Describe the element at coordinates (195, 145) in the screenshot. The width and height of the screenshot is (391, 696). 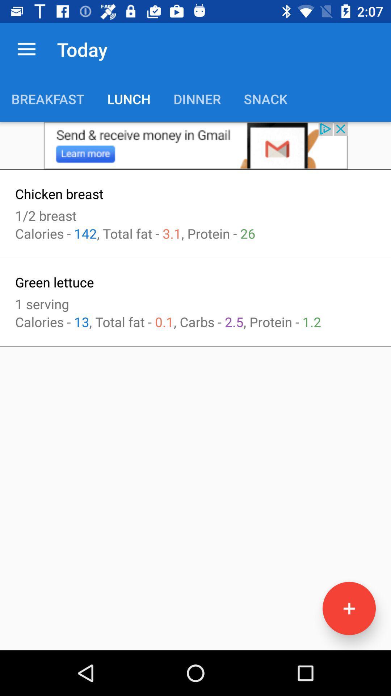
I see `inbox to seen` at that location.